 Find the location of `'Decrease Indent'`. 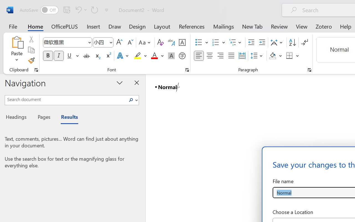

'Decrease Indent' is located at coordinates (251, 42).